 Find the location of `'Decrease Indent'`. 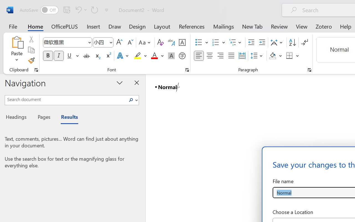

'Decrease Indent' is located at coordinates (251, 42).